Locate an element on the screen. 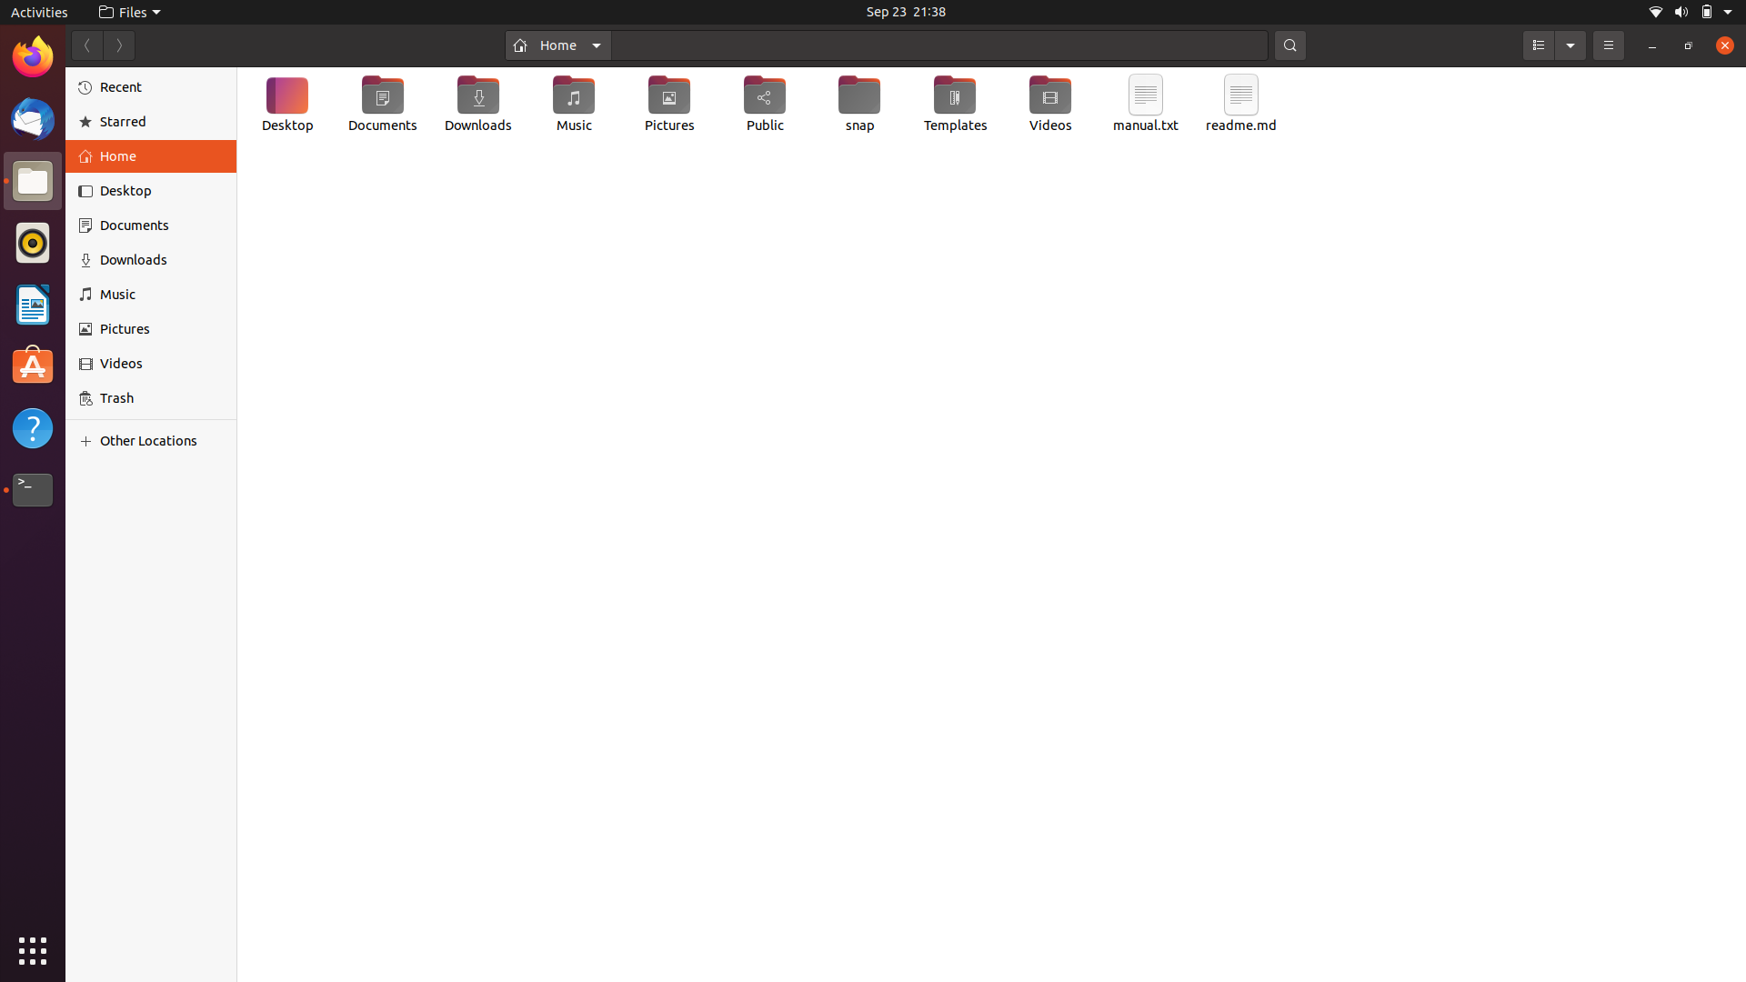  Locate and open the "Templates" folder is located at coordinates (954, 105).